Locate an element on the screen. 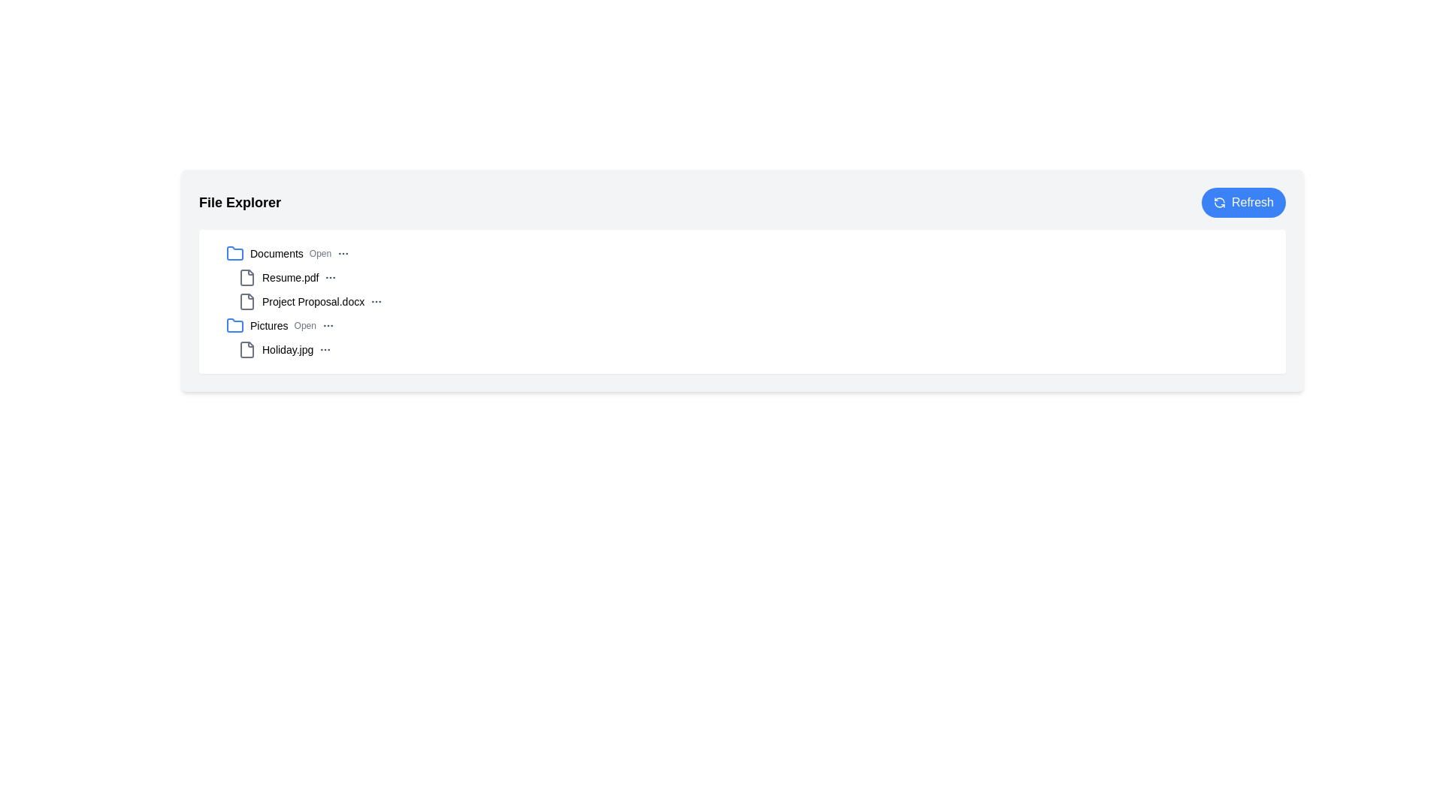 Image resolution: width=1443 pixels, height=811 pixels. the file icon is located at coordinates (247, 350).